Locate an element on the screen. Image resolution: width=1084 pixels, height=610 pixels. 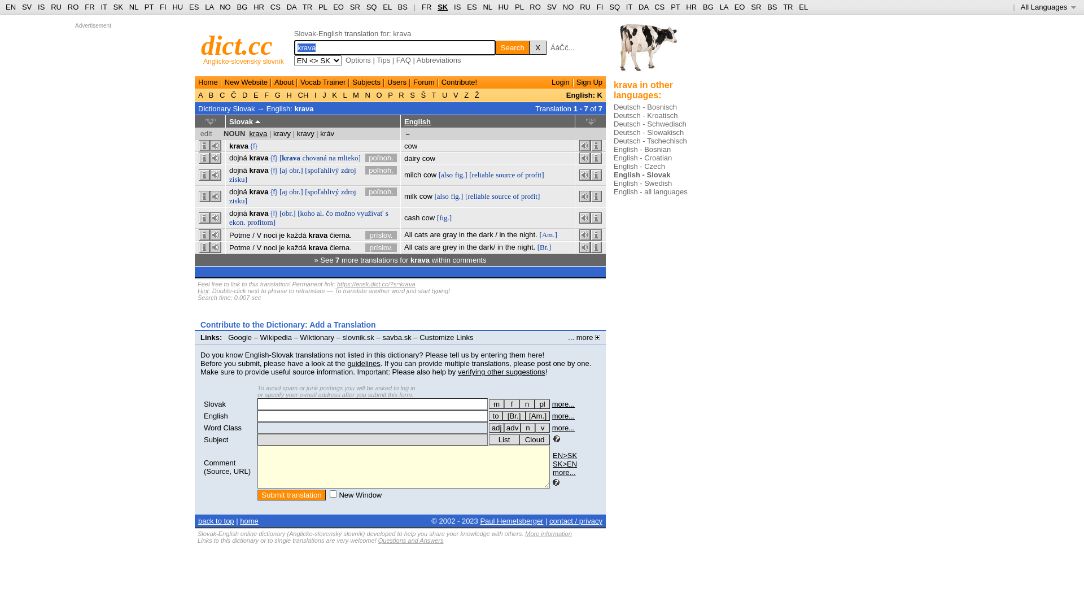
'krava' is located at coordinates (238, 145).